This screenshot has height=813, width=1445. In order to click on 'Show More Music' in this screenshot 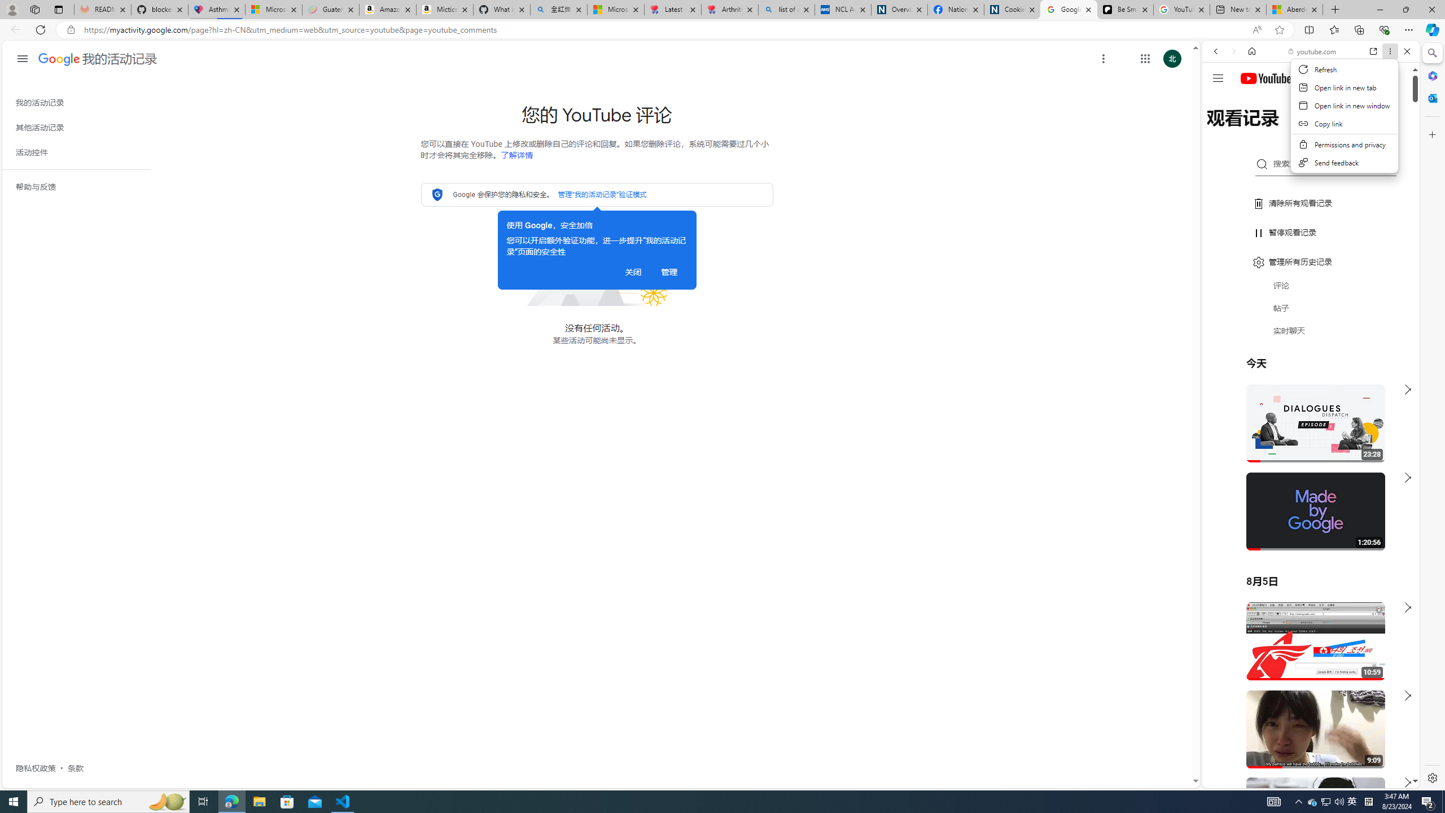, I will do `click(1379, 308)`.